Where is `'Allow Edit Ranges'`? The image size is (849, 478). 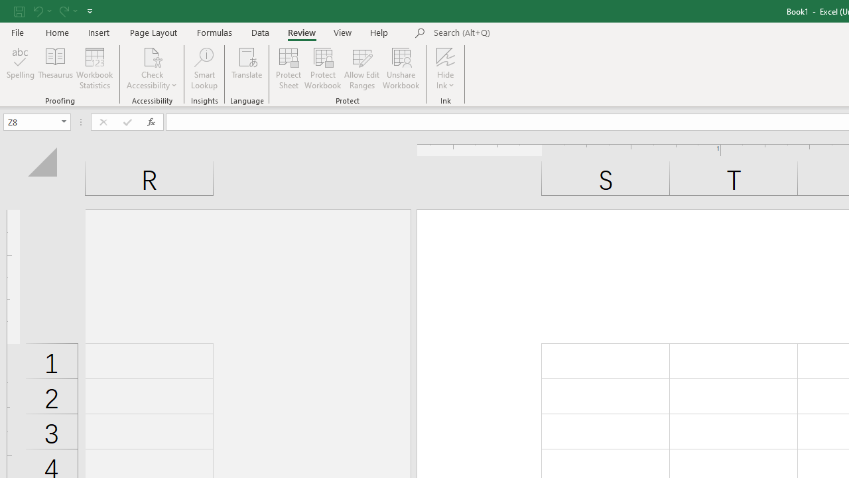
'Allow Edit Ranges' is located at coordinates (361, 68).